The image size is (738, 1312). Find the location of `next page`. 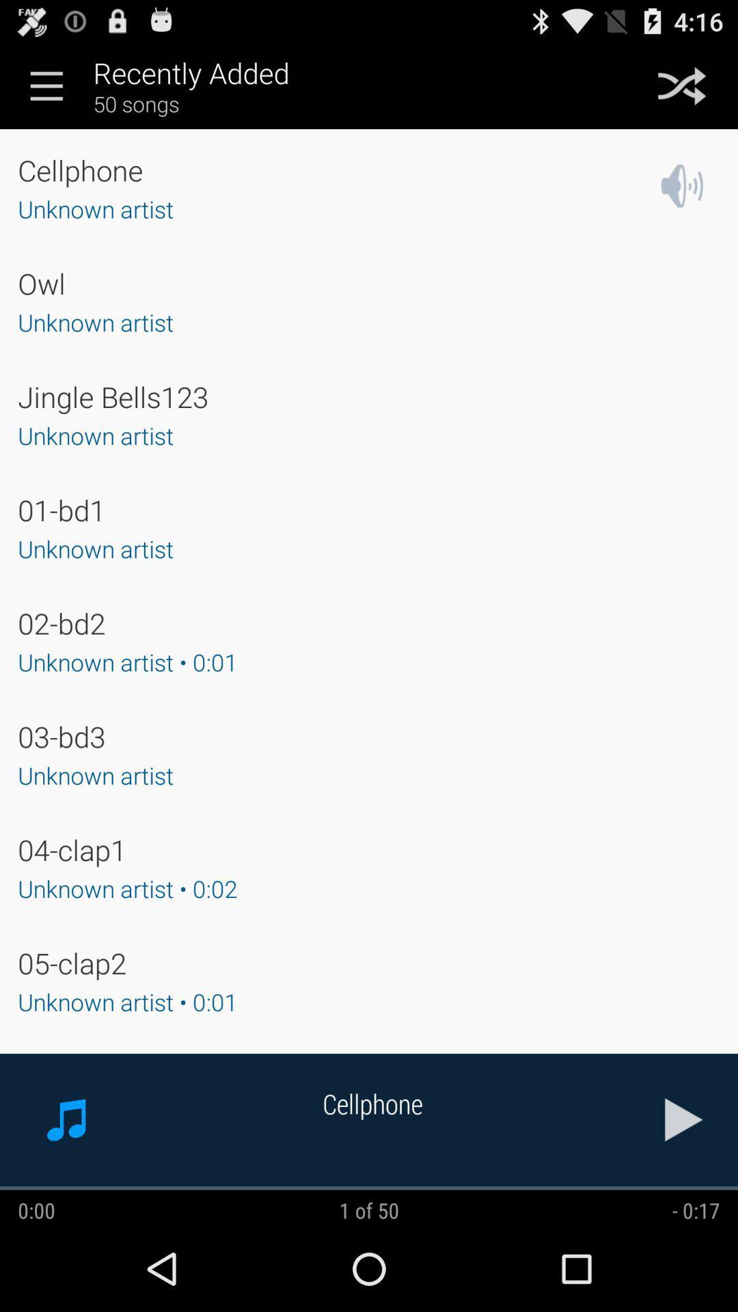

next page is located at coordinates (684, 1119).